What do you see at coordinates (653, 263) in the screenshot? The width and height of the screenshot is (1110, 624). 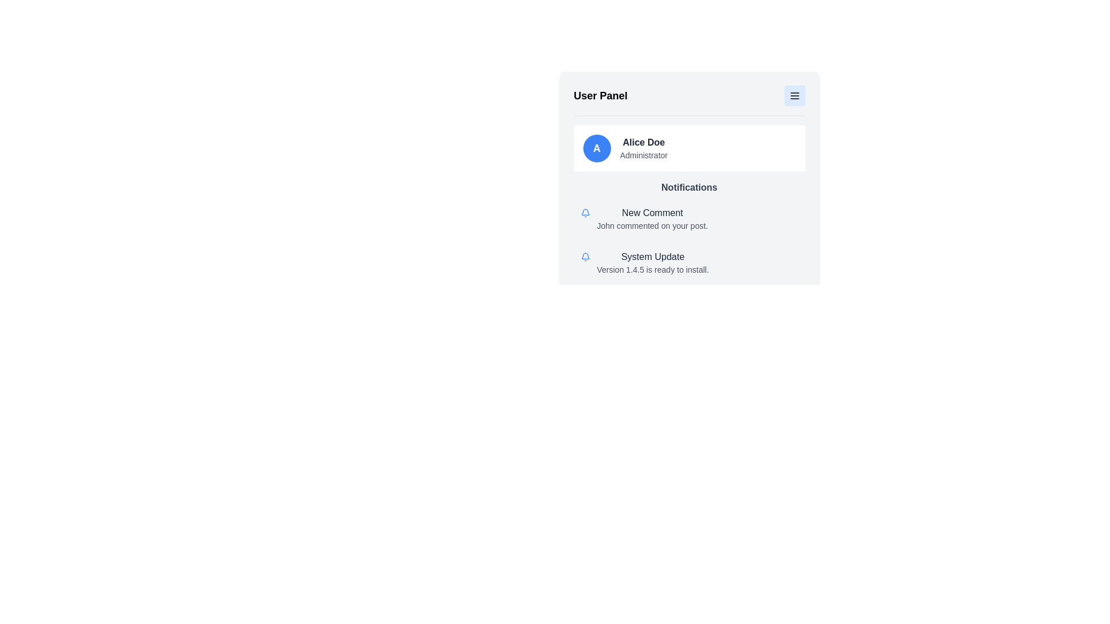 I see `the notification message about 'Version 1.4.5.' located in the Notifications section, which is the second notification in the list, to potentially initiate the installation process` at bounding box center [653, 263].